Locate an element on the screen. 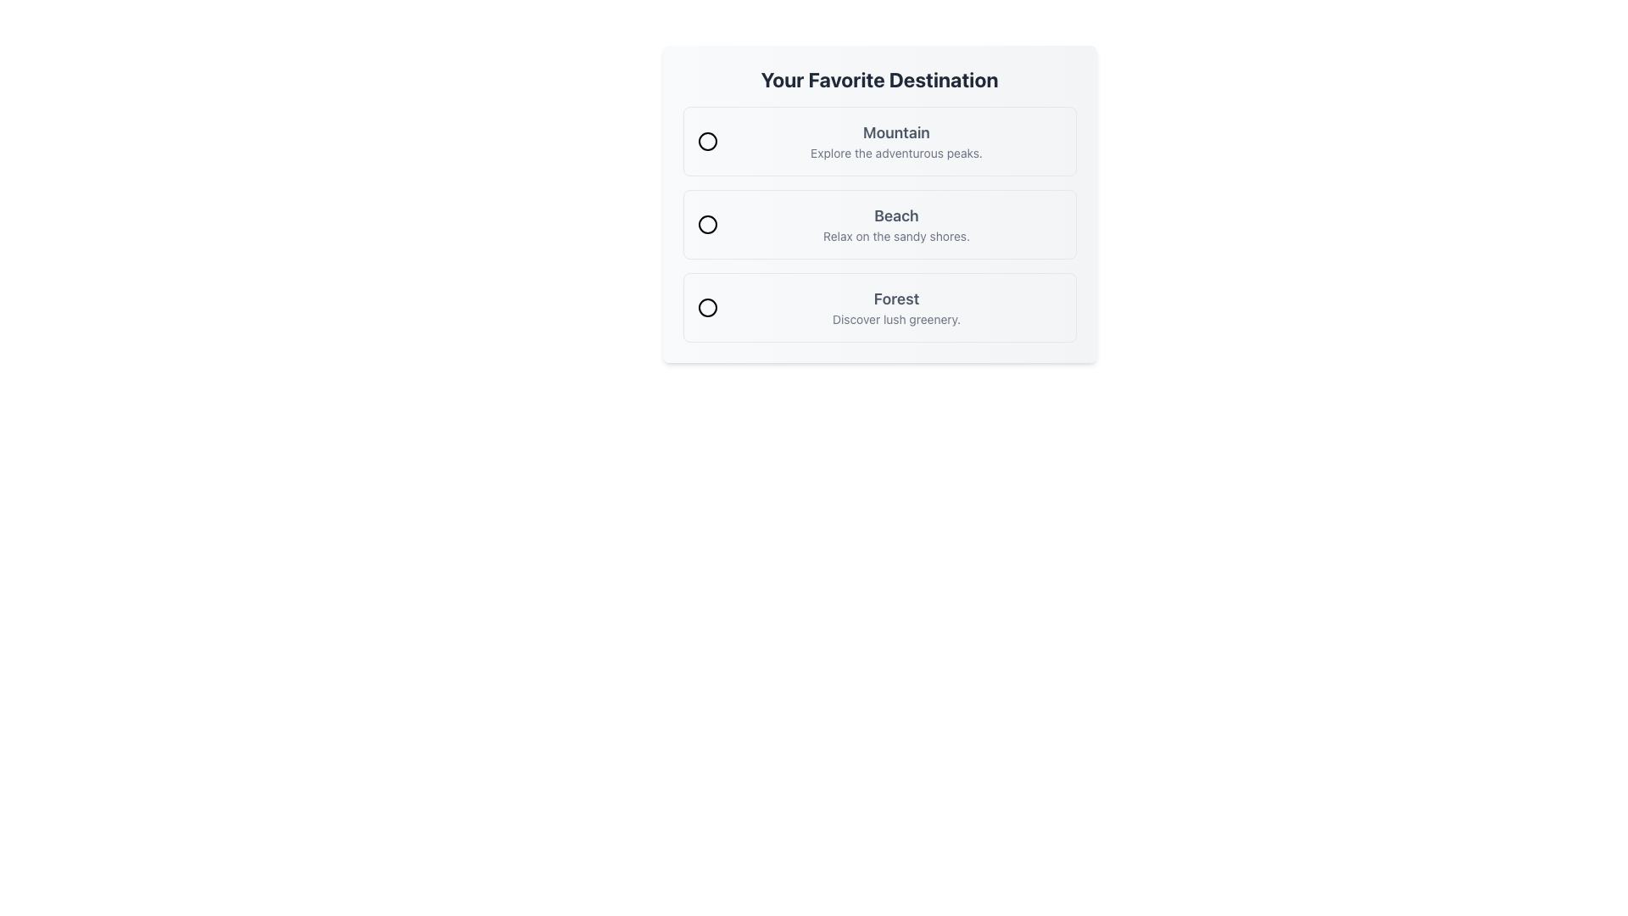 This screenshot has height=916, width=1628. the prominently styled text label displaying the word 'Forest', which is situated above the descriptive text 'Discover lush greenery' in the third option of a vertically stacked list is located at coordinates (895, 299).